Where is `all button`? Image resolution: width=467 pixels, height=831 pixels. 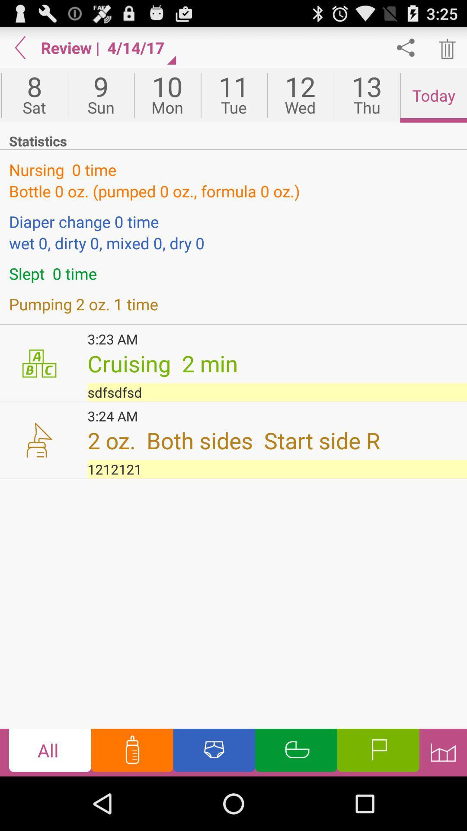
all button is located at coordinates (50, 752).